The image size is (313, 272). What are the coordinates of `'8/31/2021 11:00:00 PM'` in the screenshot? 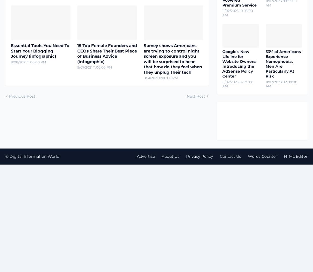 It's located at (160, 78).